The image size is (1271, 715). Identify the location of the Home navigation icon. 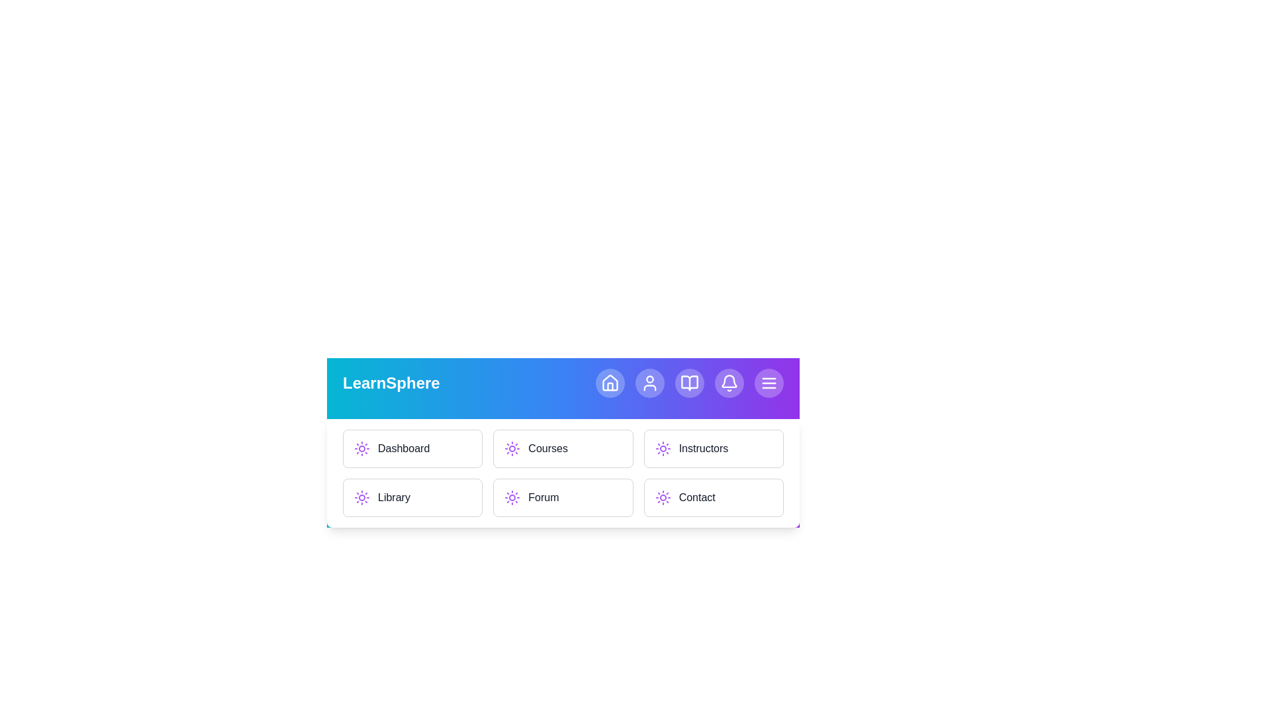
(609, 383).